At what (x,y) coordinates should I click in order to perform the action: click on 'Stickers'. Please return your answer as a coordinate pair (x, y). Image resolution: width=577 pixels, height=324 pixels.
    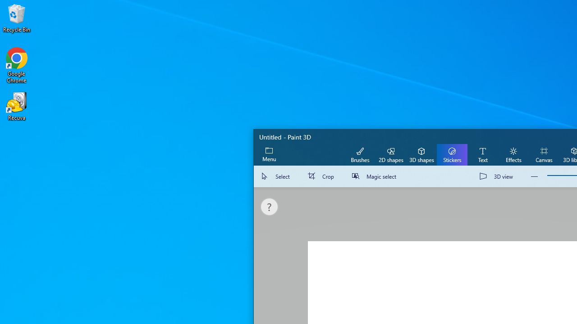
    Looking at the image, I should click on (452, 154).